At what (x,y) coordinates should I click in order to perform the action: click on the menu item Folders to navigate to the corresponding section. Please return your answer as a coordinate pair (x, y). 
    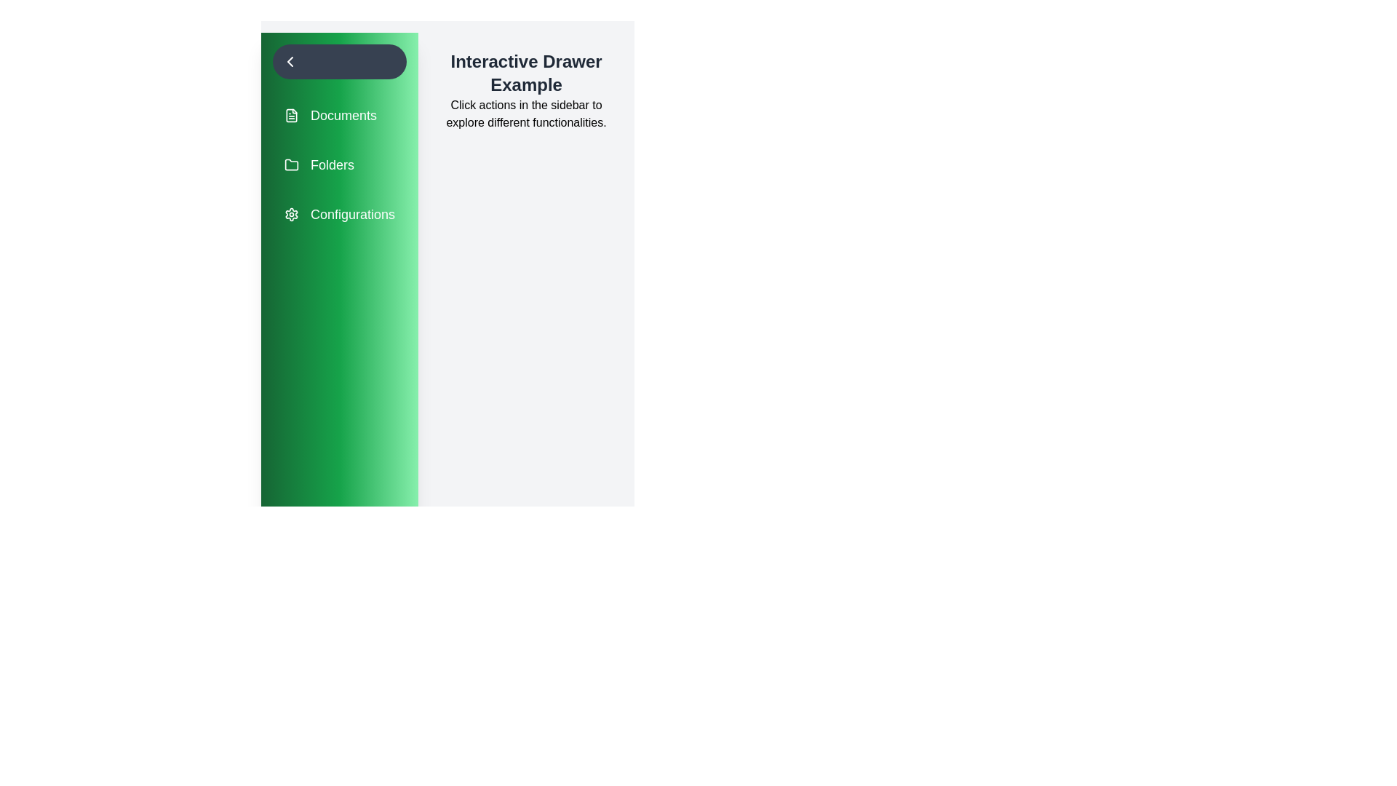
    Looking at the image, I should click on (338, 164).